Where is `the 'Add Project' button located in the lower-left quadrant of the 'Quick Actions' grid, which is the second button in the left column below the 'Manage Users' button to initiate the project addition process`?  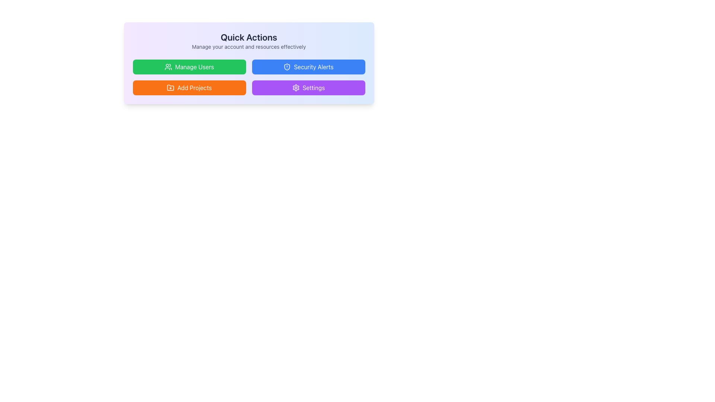
the 'Add Project' button located in the lower-left quadrant of the 'Quick Actions' grid, which is the second button in the left column below the 'Manage Users' button to initiate the project addition process is located at coordinates (189, 87).